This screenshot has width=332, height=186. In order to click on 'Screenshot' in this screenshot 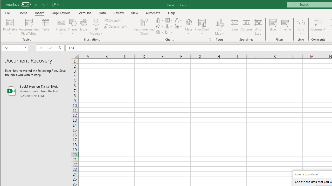, I will do `click(116, 26)`.